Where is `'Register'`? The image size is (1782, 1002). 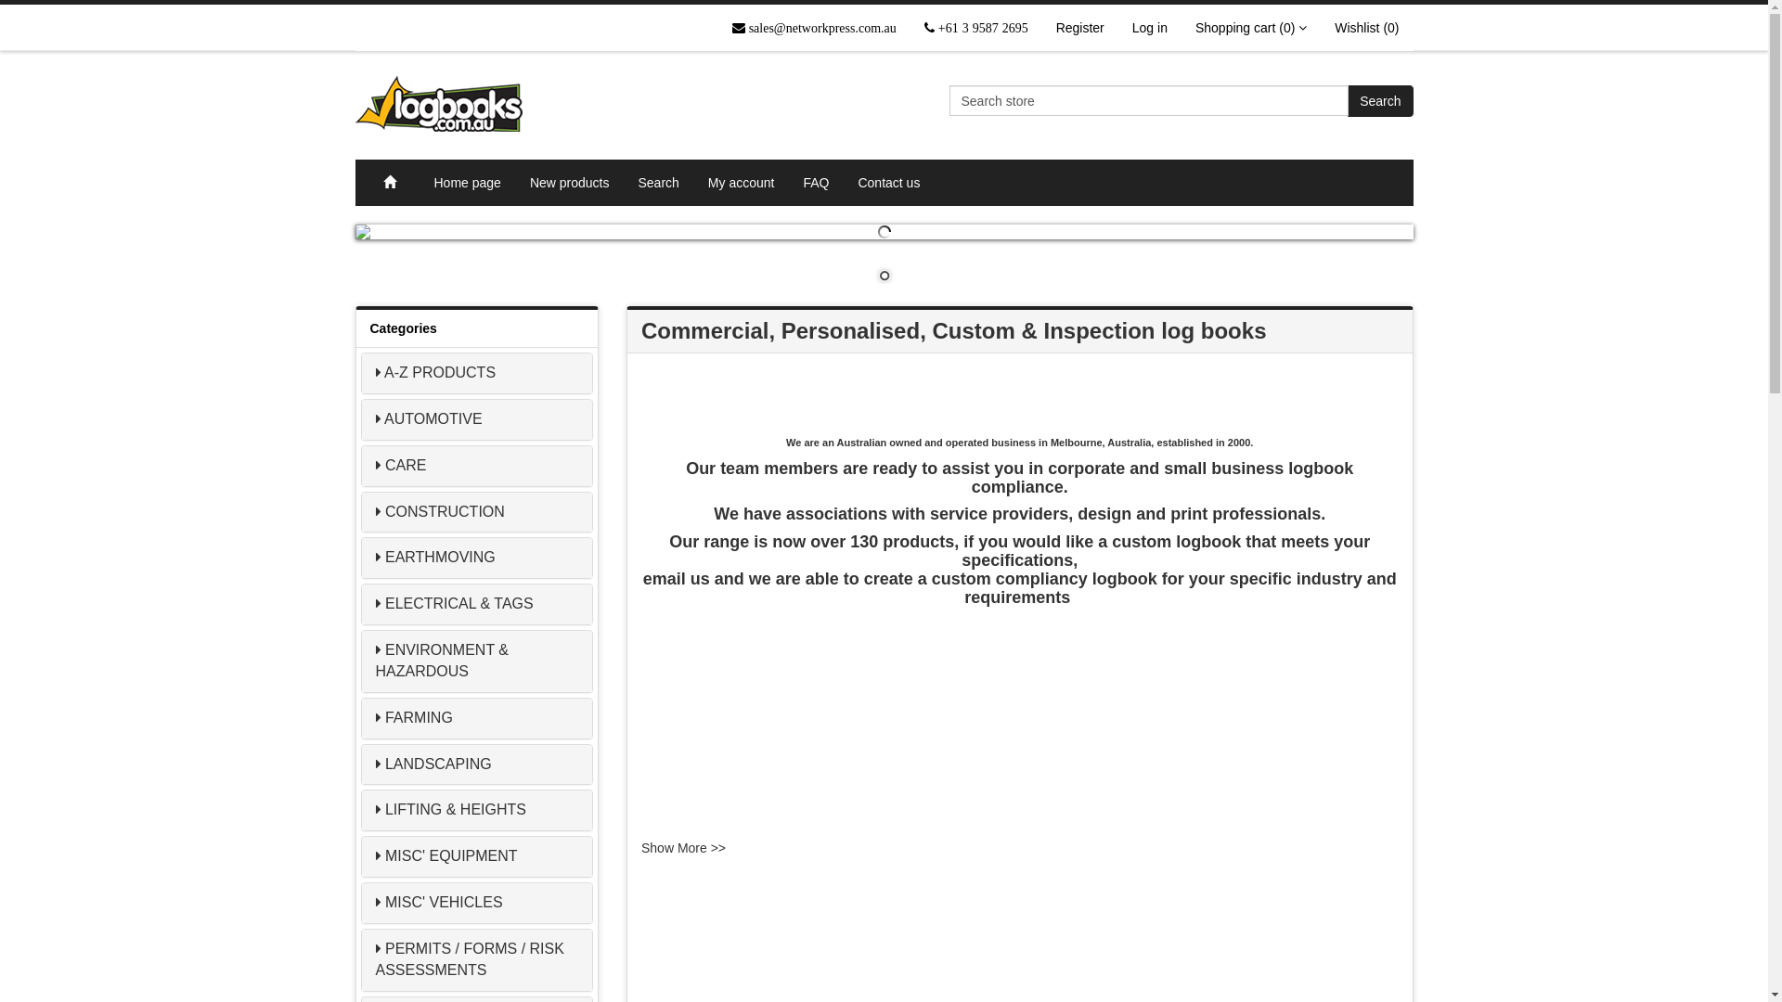 'Register' is located at coordinates (1042, 28).